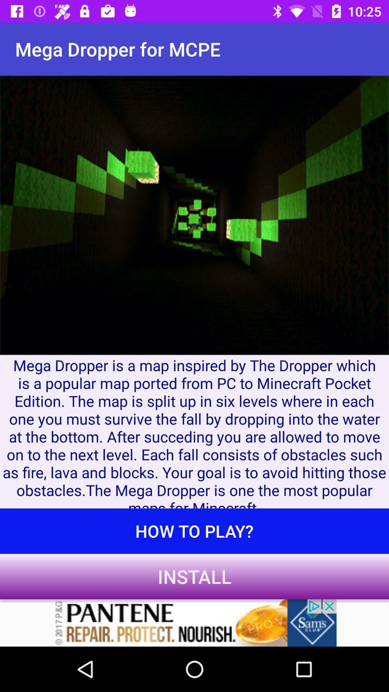 This screenshot has height=692, width=389. Describe the element at coordinates (194, 622) in the screenshot. I see `advertisement` at that location.